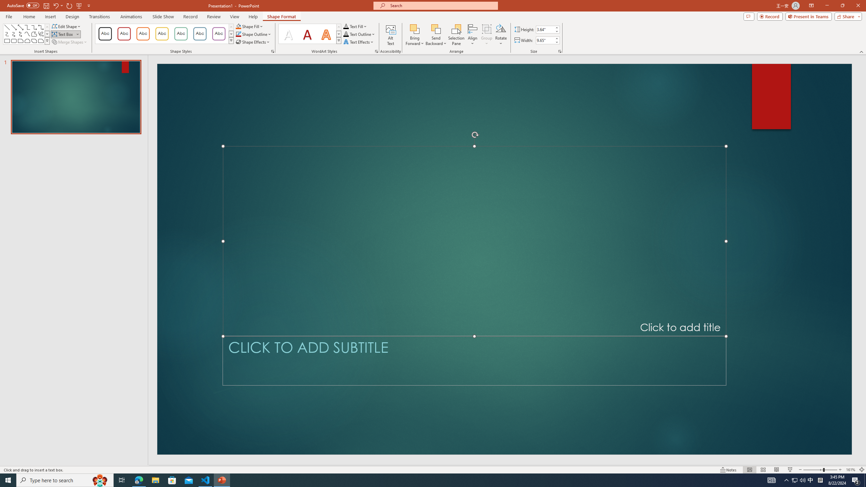 Image resolution: width=866 pixels, height=487 pixels. Describe the element at coordinates (436, 35) in the screenshot. I see `'Send Backward'` at that location.